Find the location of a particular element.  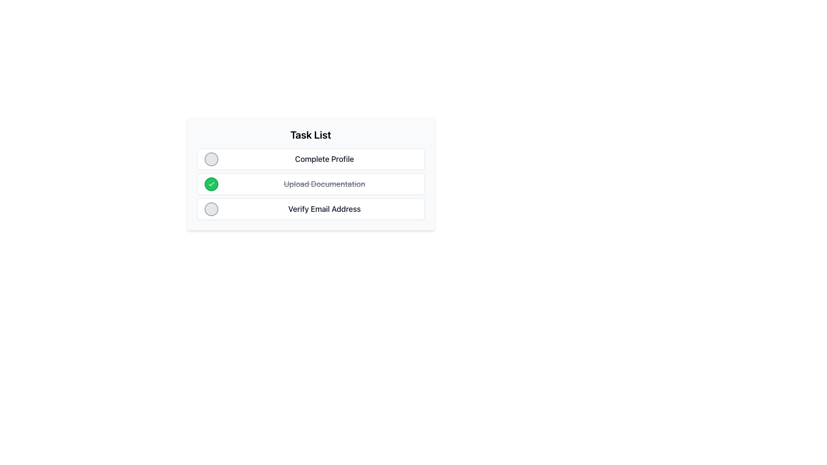

the interactive button to the left of the 'Verify Email Address' text is located at coordinates (211, 209).